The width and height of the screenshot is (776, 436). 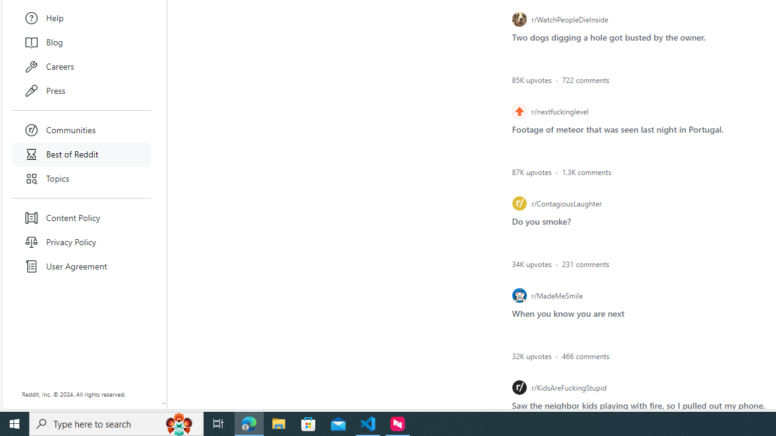 I want to click on 'Press', so click(x=81, y=90).